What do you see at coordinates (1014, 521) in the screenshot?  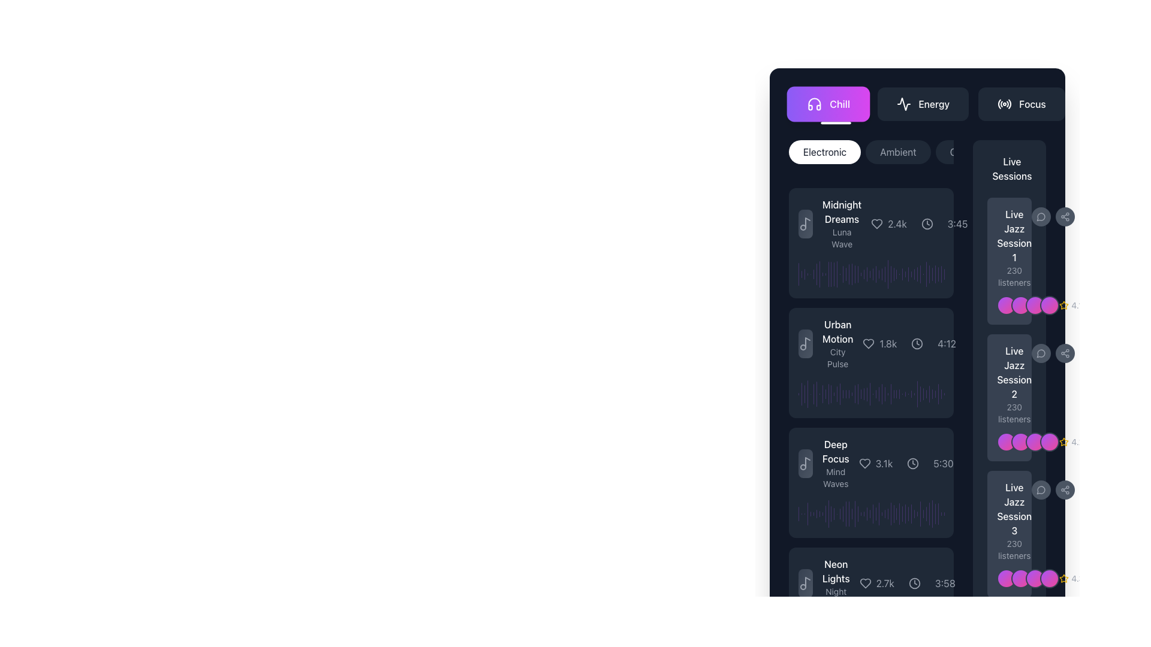 I see `the Text Display Block that shows 'Live Jazz Session 3' with '230 listeners' below it, located in the right panel of the 'Live Sessions' list` at bounding box center [1014, 521].